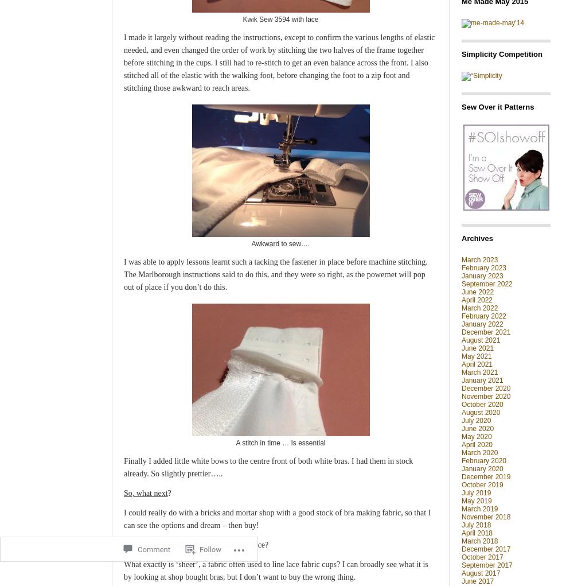  I want to click on 'Finally I added little white bows to the centre front of both white bras. I had them in stock already. So slightly prettier…..', so click(123, 467).